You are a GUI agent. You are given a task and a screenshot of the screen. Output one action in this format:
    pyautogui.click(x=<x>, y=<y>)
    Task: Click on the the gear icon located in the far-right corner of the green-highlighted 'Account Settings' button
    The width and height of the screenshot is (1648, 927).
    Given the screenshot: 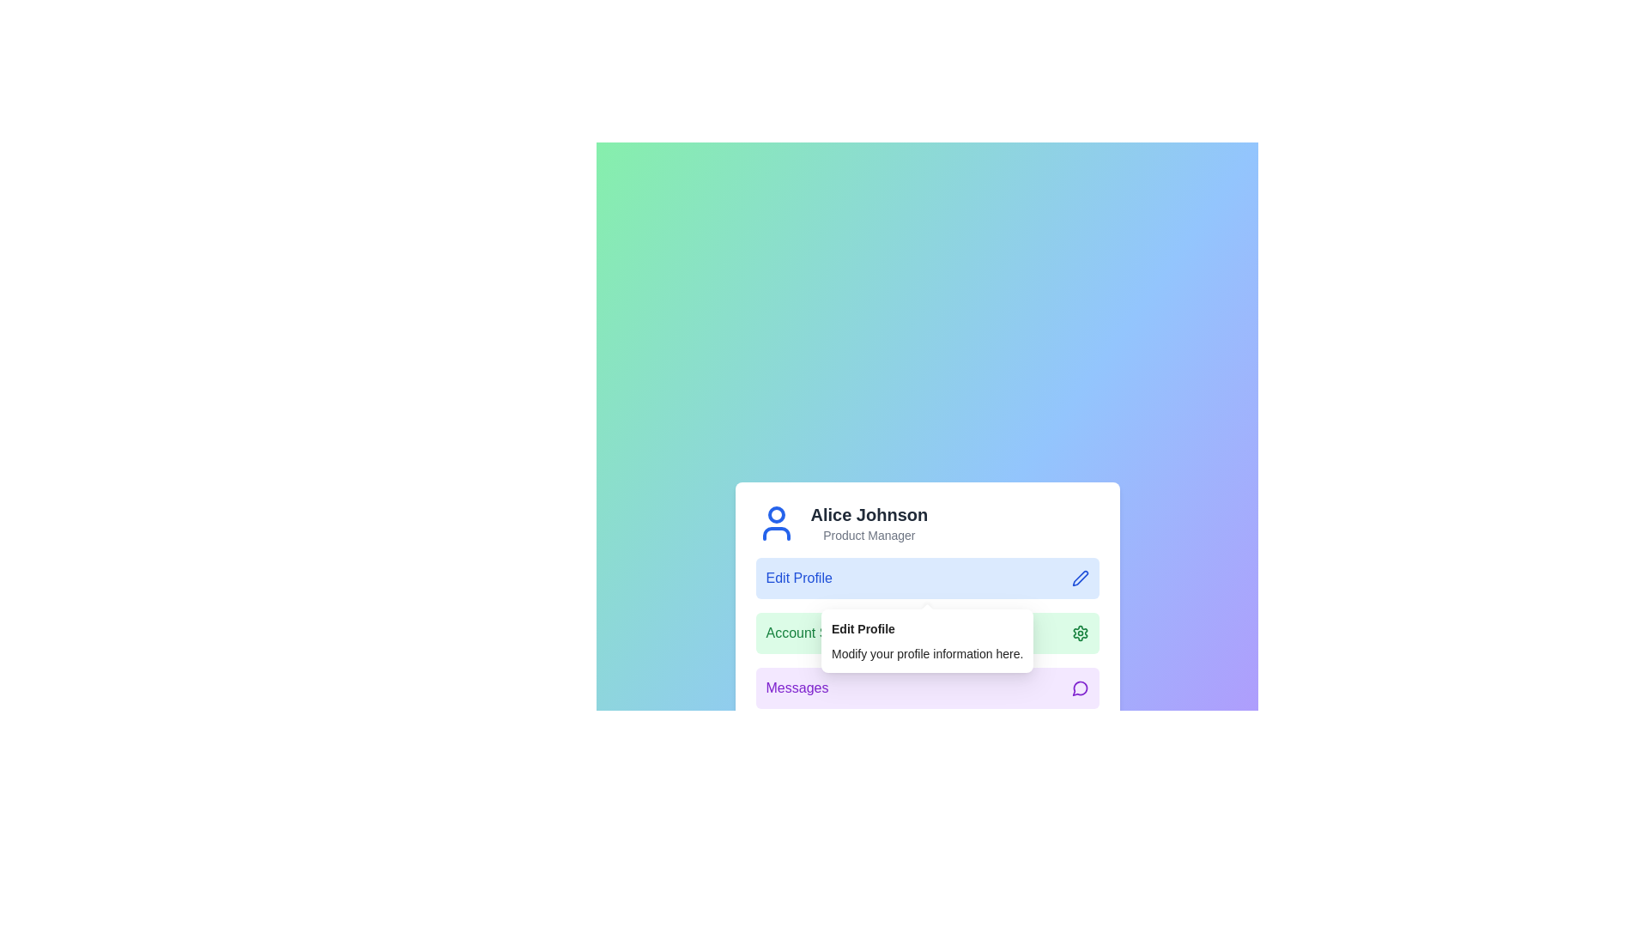 What is the action you would take?
    pyautogui.click(x=1079, y=633)
    